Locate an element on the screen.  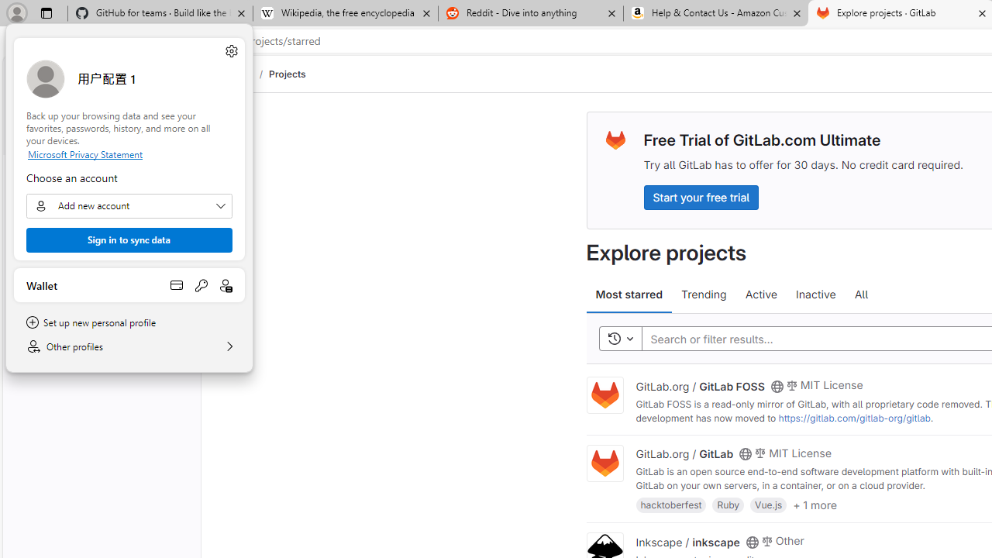
'Class: project' is located at coordinates (604, 462).